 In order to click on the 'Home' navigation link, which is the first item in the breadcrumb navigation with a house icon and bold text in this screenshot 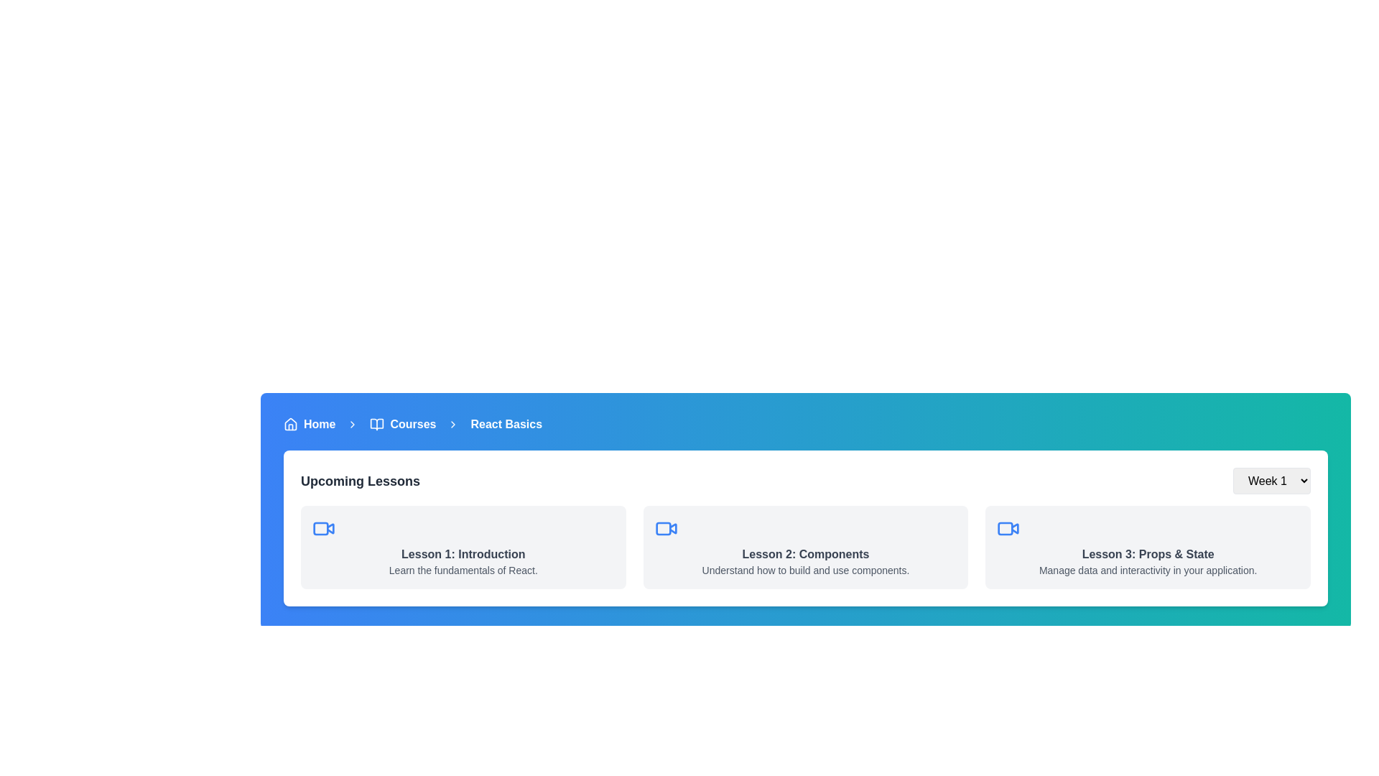, I will do `click(309, 423)`.